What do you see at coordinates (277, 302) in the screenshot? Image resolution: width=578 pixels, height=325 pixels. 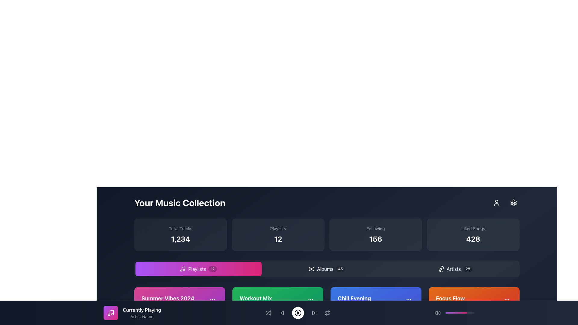 I see `the Information Display element that shows the title and track count of the 'Workout Mix' playlist, centrally aligned within the green rectangular card` at bounding box center [277, 302].